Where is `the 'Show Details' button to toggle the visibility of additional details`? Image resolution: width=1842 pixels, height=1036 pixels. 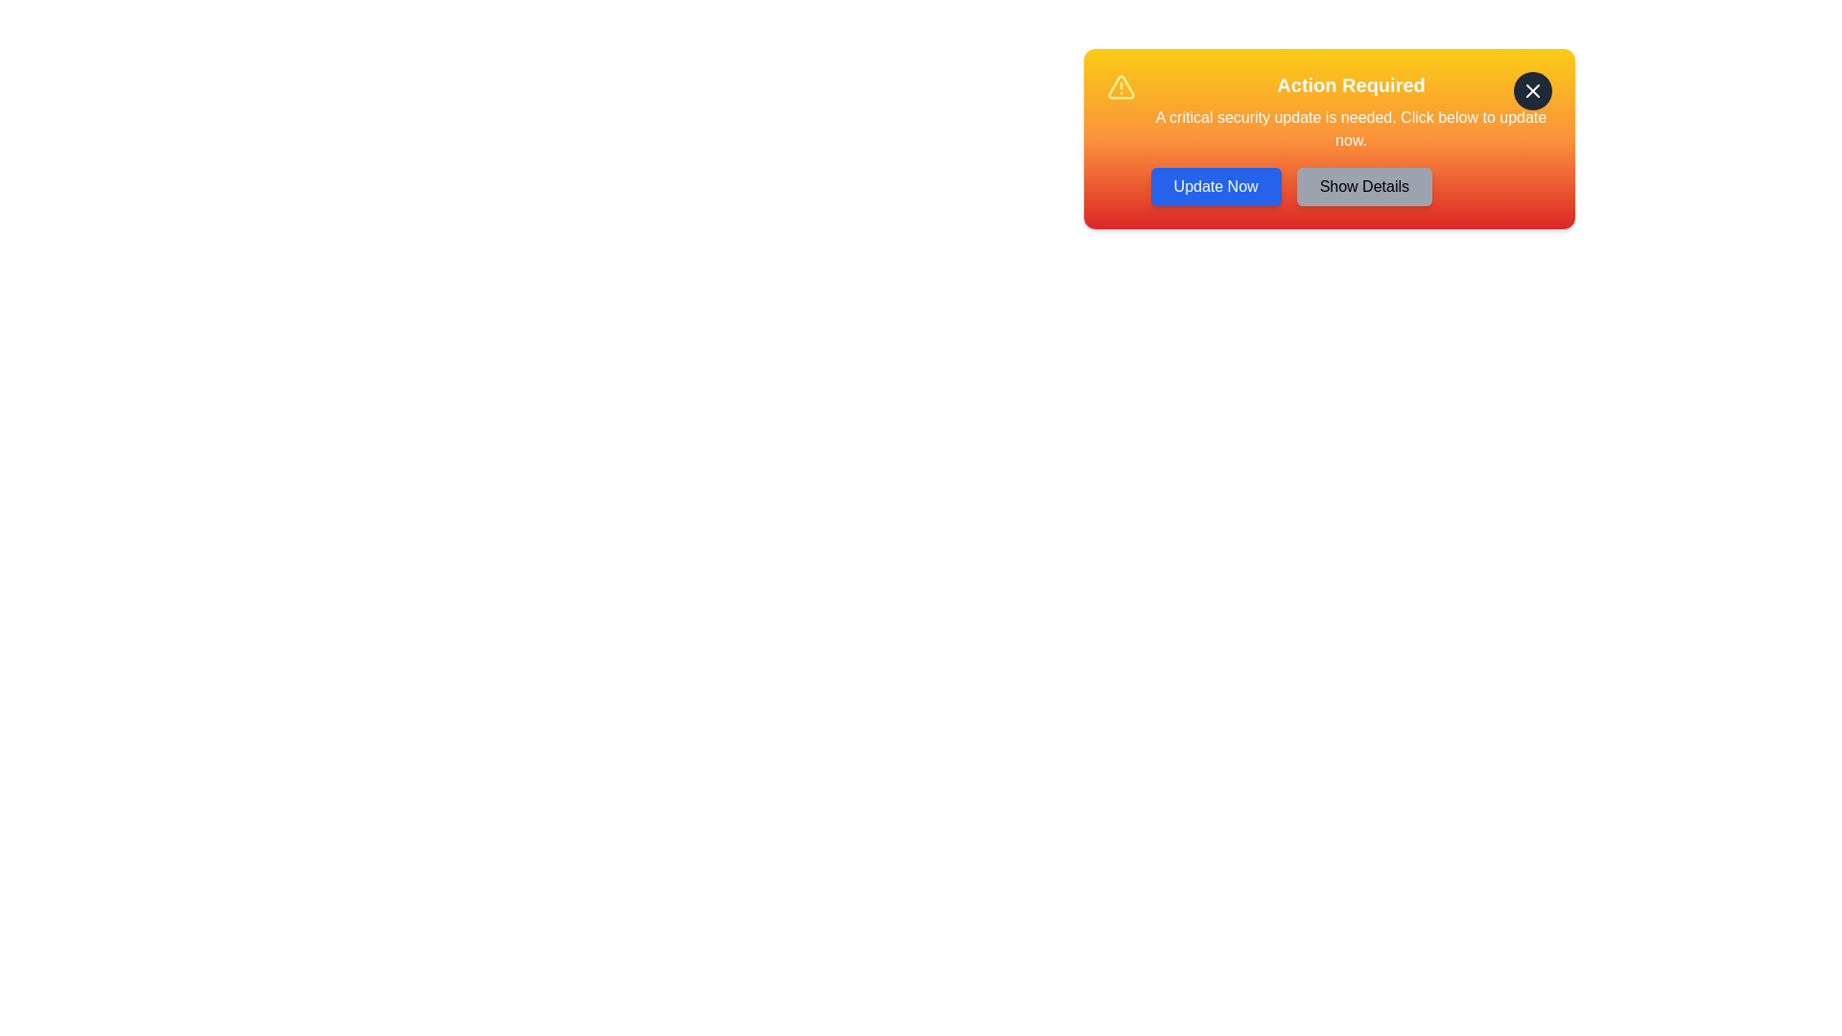 the 'Show Details' button to toggle the visibility of additional details is located at coordinates (1362, 187).